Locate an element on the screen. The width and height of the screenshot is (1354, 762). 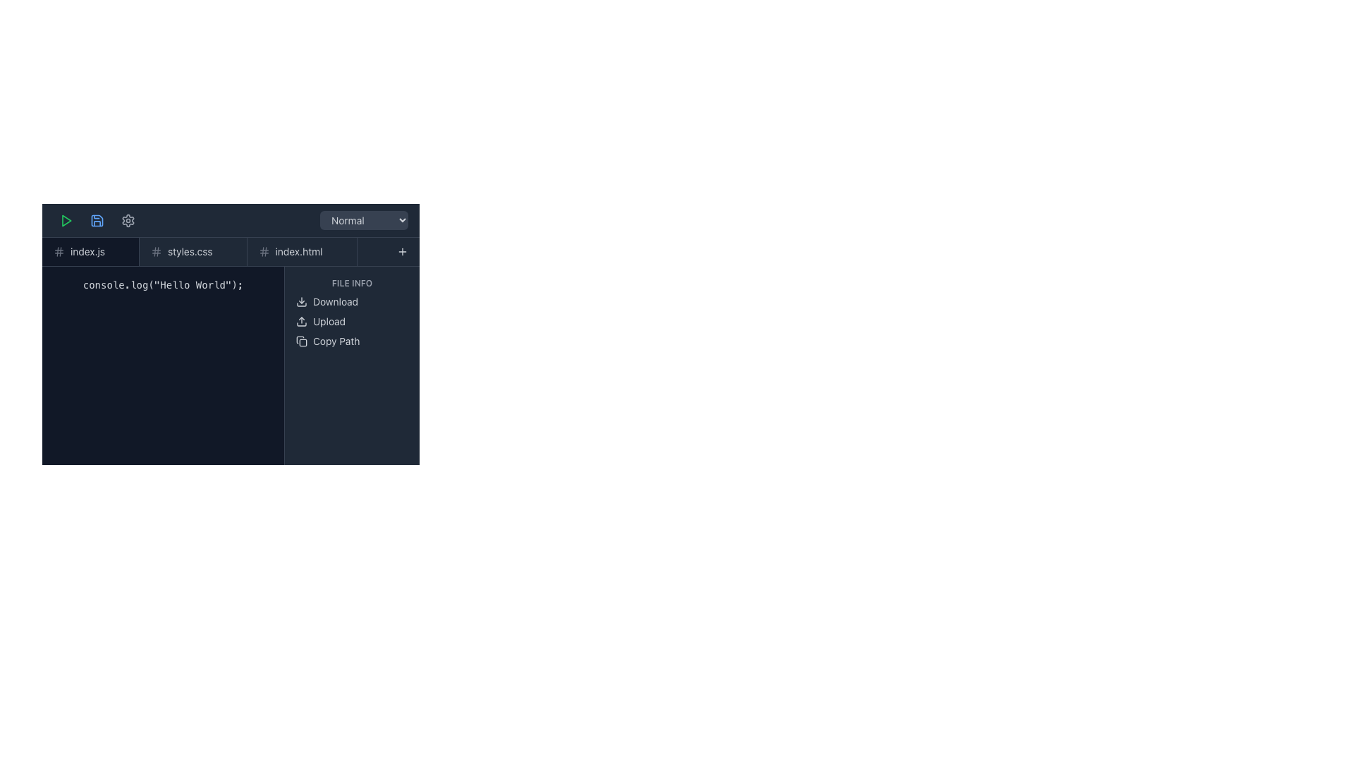
the icon that signifies a tag or hash associated with 'index.html', located to the left of the text 'index.html' is located at coordinates (264, 251).